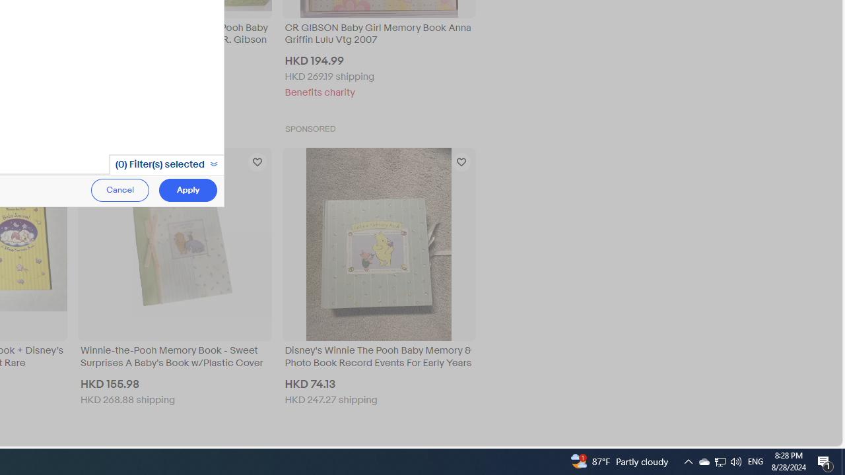 This screenshot has width=845, height=475. I want to click on '(0) Filter(s) selected', so click(165, 164).